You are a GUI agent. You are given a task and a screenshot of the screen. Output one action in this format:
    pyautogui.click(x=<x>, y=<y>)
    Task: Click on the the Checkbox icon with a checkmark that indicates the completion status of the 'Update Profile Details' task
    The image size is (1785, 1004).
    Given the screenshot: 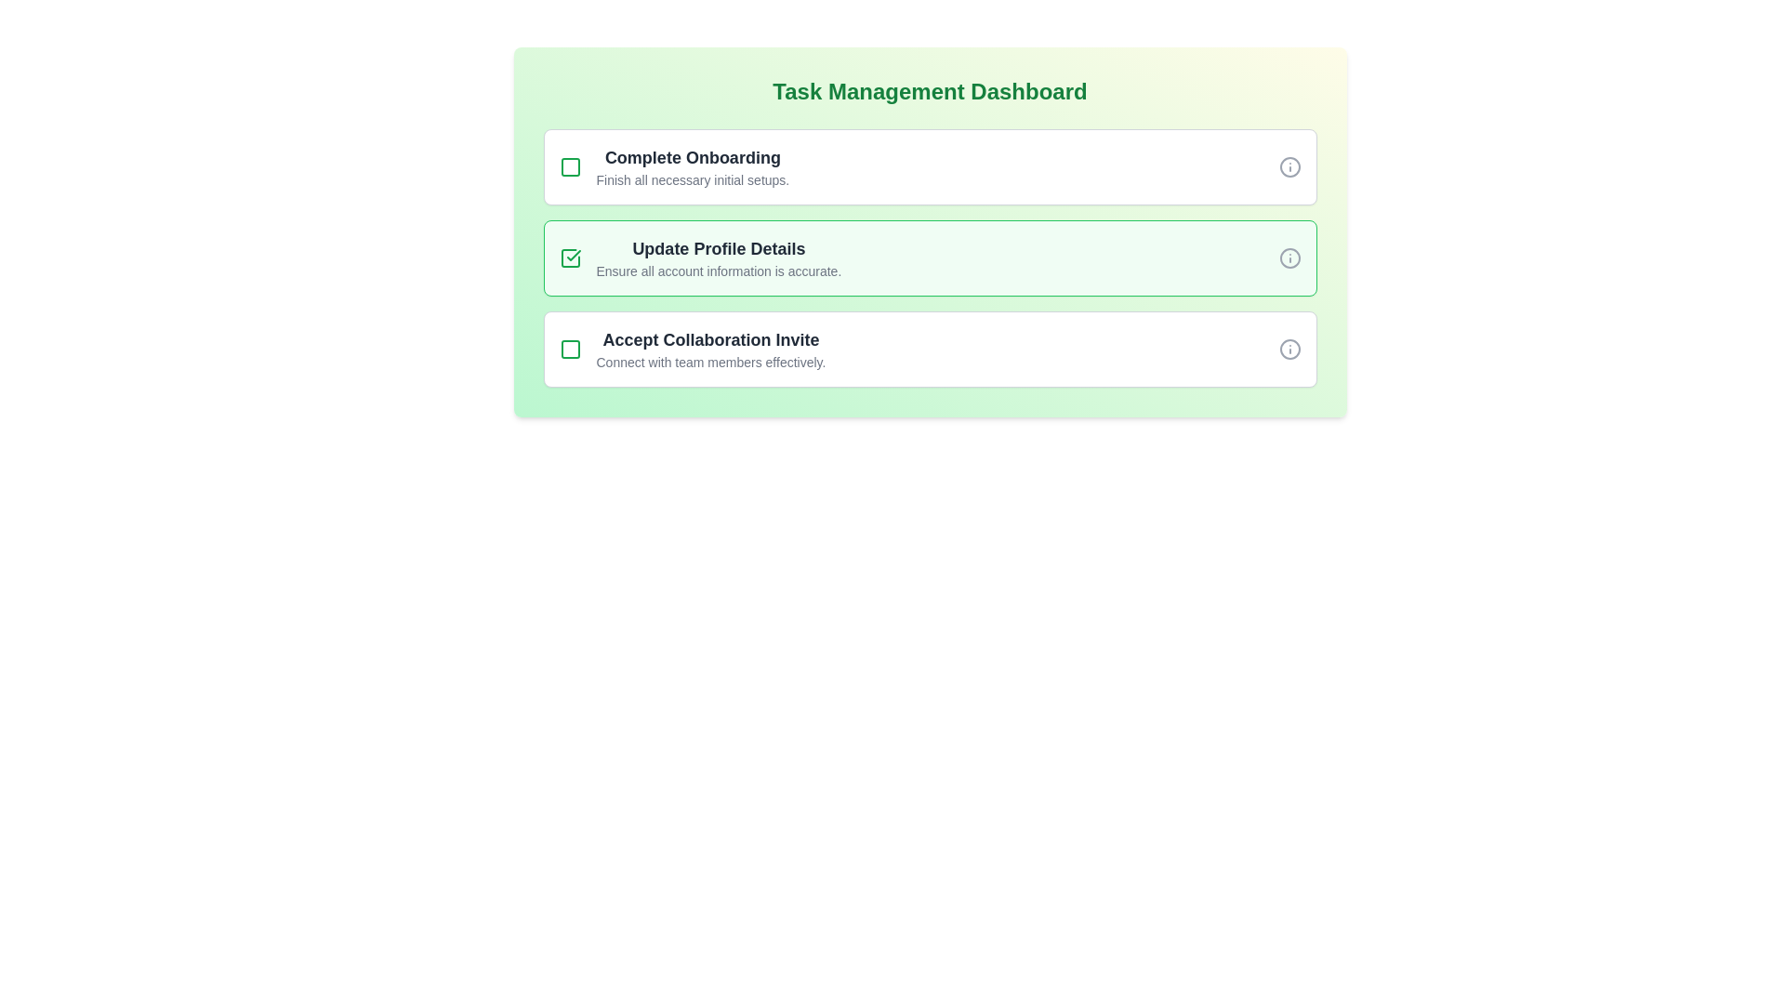 What is the action you would take?
    pyautogui.click(x=569, y=258)
    